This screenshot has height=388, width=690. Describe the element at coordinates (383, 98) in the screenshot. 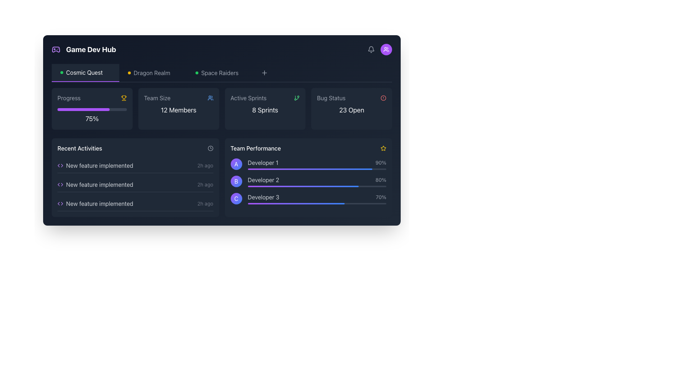

I see `the warning icon located at the right end of the 'Bug Status' section, adjacent to '23 Open', to check its alert representation` at that location.